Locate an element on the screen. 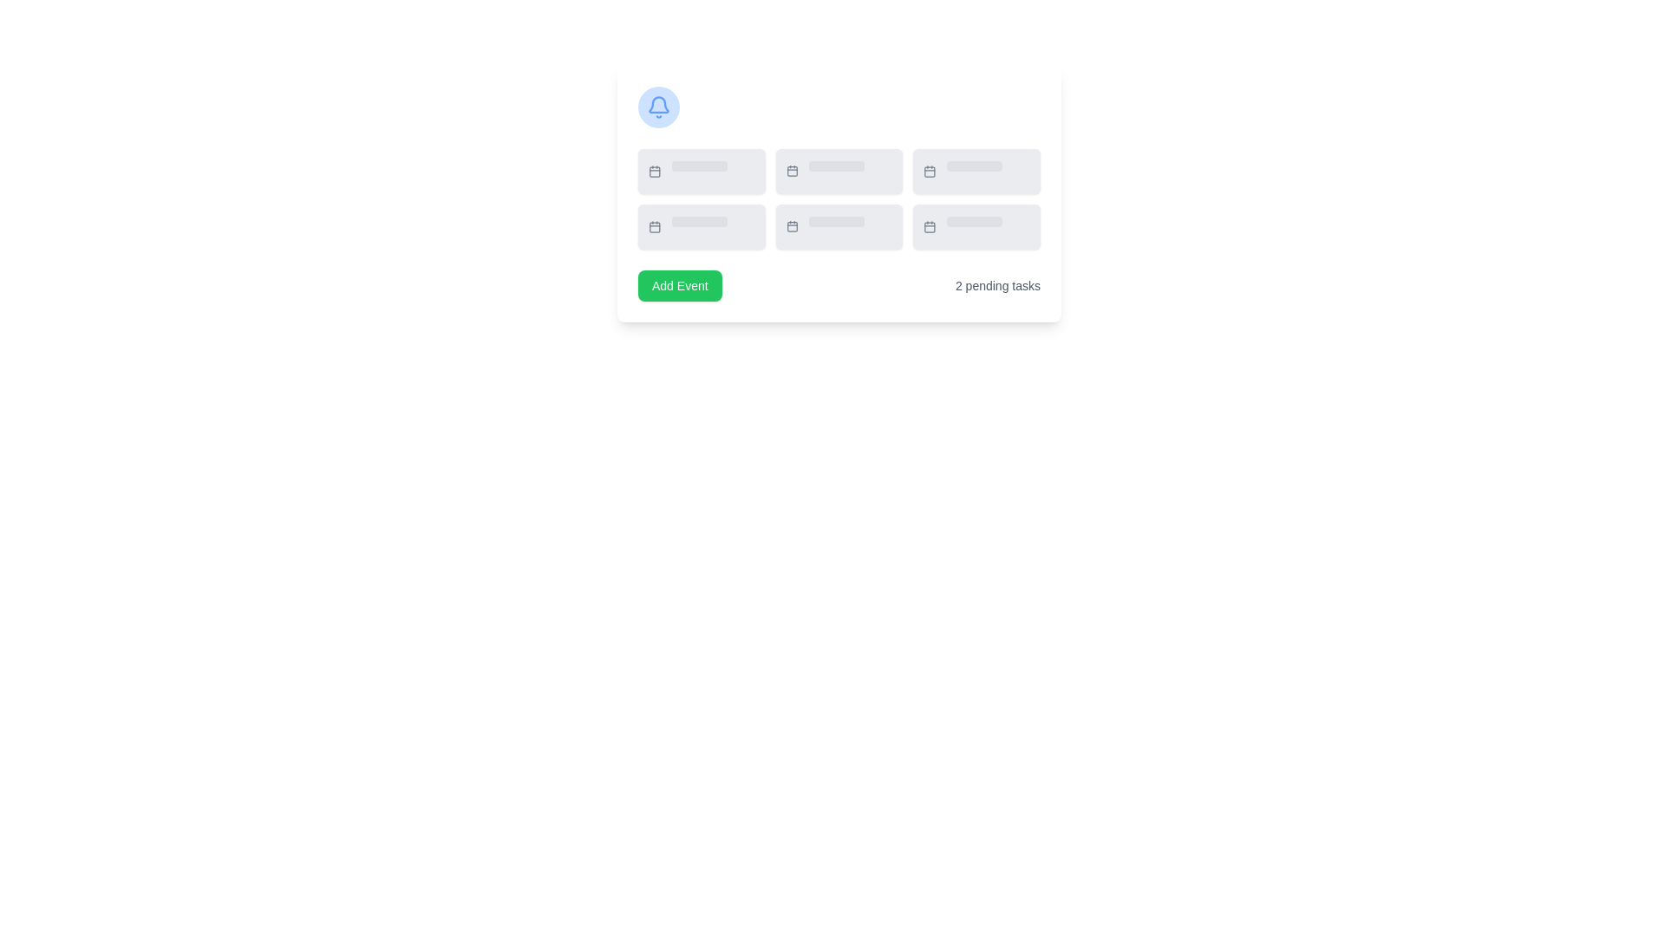  the calendar icon, which is the first item in the leftmost column of a grid layout is located at coordinates (653, 171).